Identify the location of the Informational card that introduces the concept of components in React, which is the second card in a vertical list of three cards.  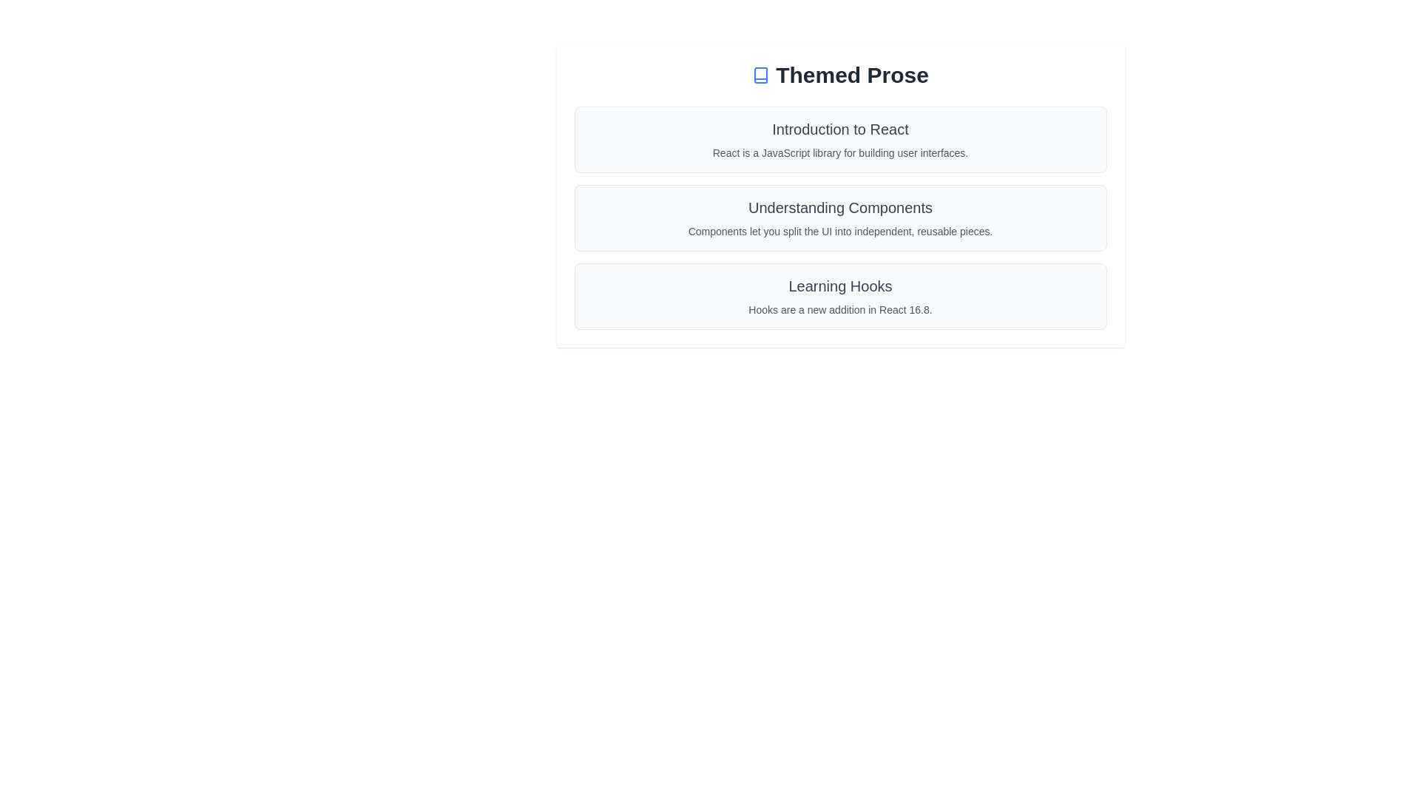
(840, 218).